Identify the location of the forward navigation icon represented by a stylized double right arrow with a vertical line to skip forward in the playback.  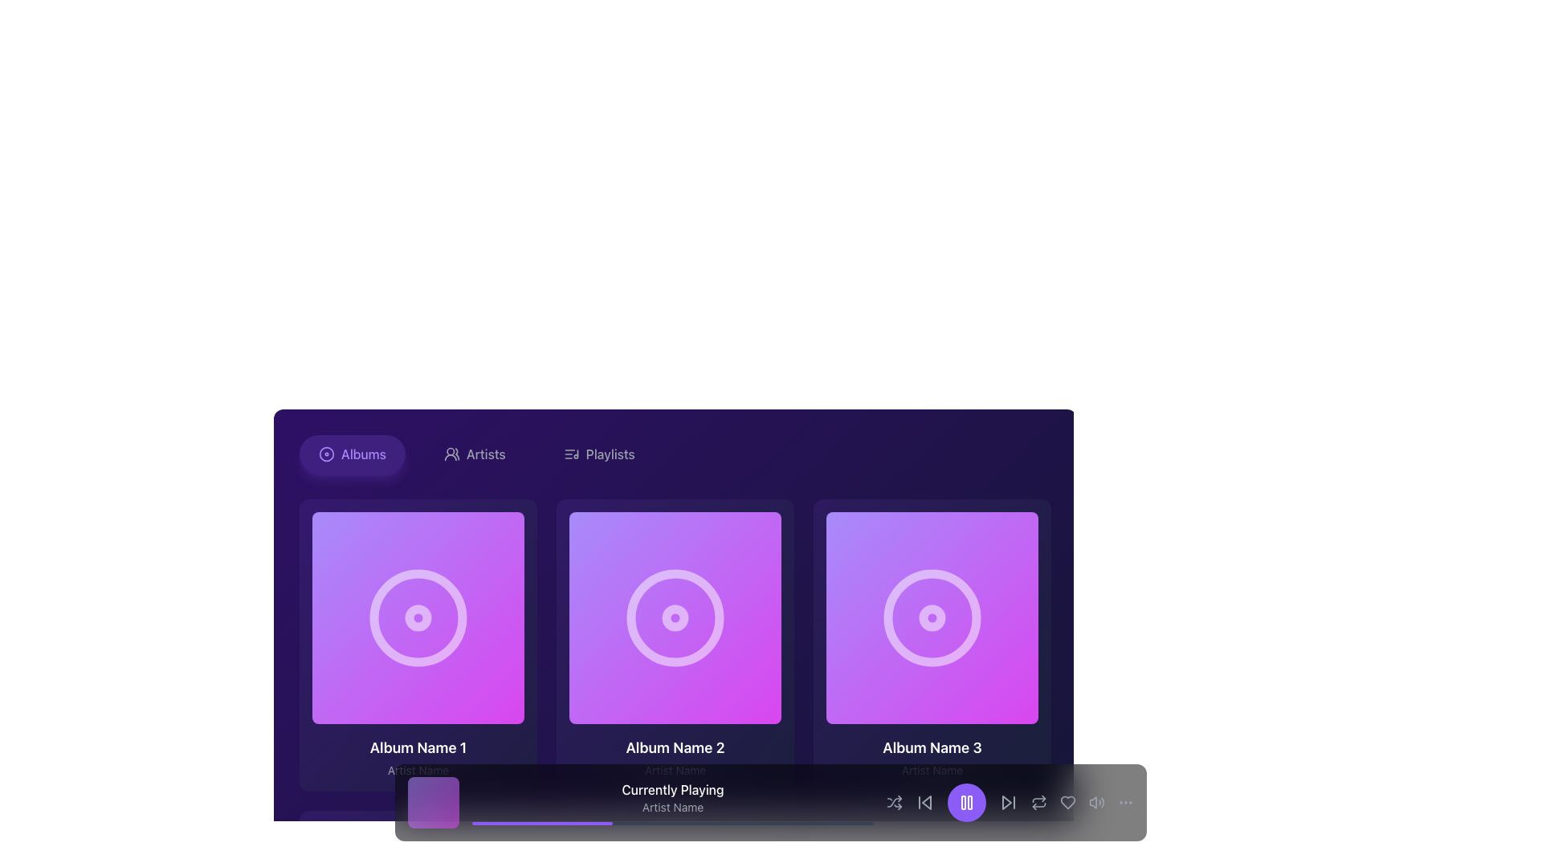
(1008, 802).